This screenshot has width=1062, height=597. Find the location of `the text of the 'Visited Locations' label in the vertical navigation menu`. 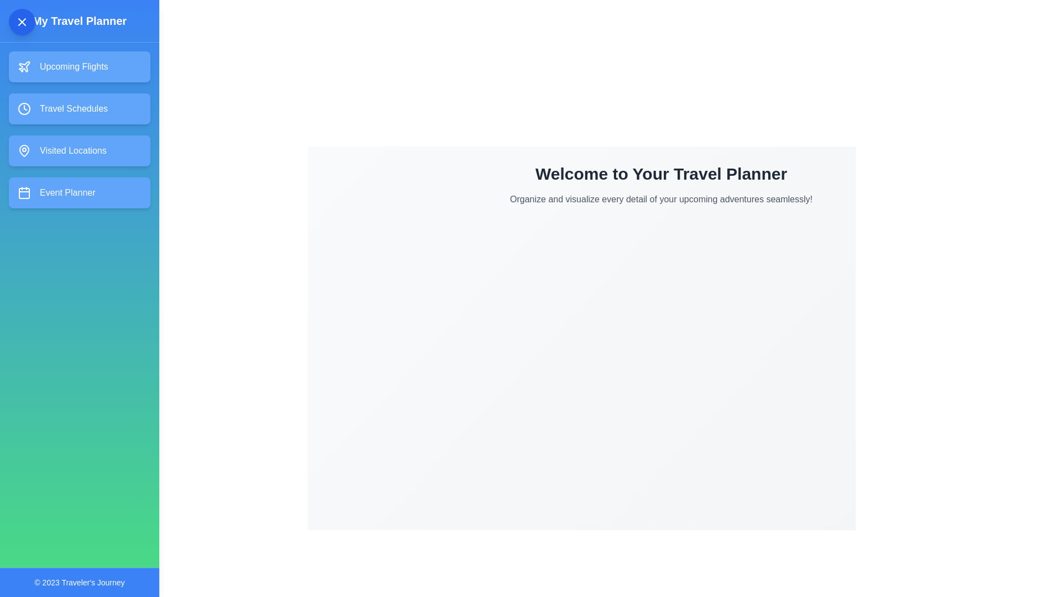

the text of the 'Visited Locations' label in the vertical navigation menu is located at coordinates (72, 151).